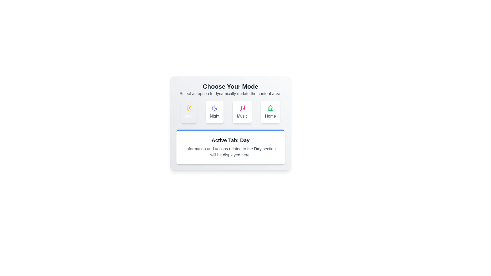 The height and width of the screenshot is (276, 491). I want to click on the bold text 'Day' located under the heading 'Active Tab: Day' in the lower section of the modal, so click(258, 149).